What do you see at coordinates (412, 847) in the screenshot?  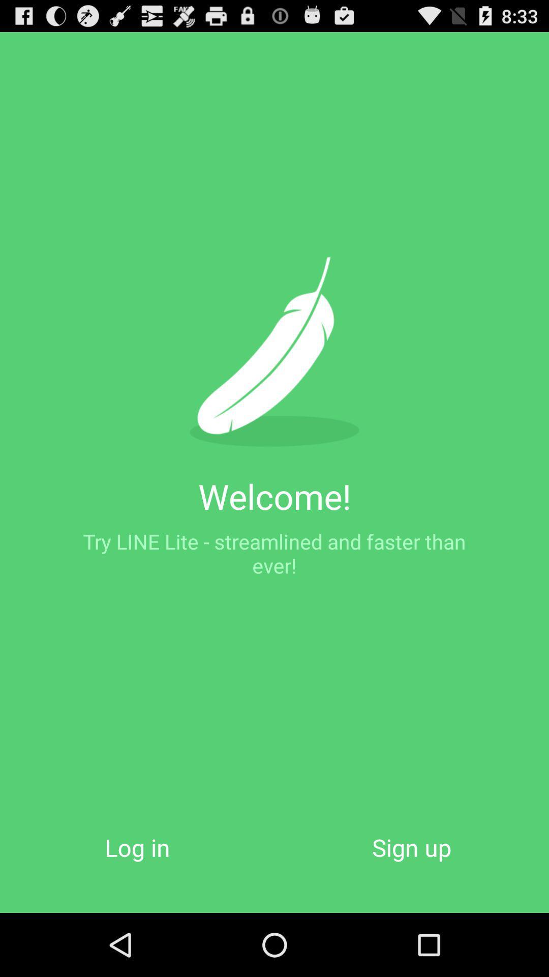 I see `sign up item` at bounding box center [412, 847].